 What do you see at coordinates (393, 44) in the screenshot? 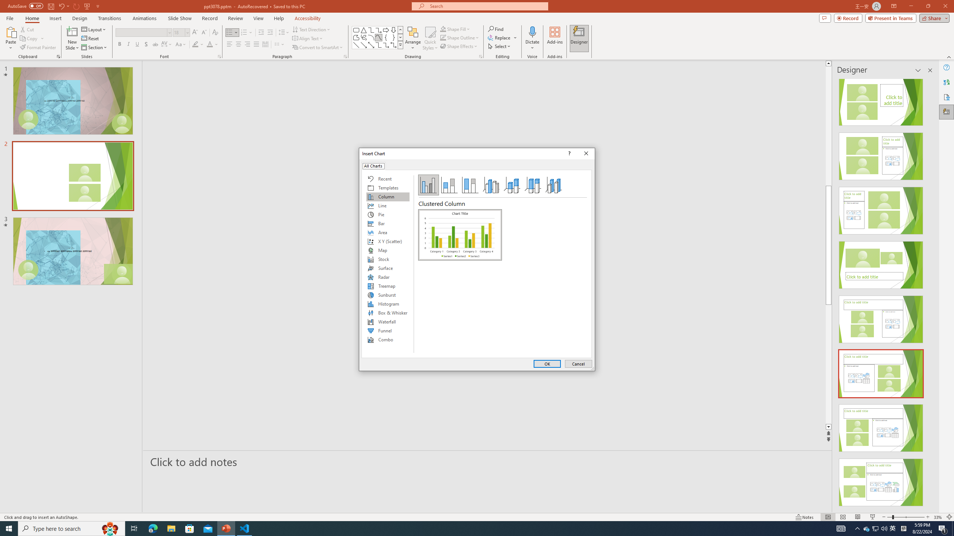
I see `'Connector: Elbow Double-Arrow'` at bounding box center [393, 44].